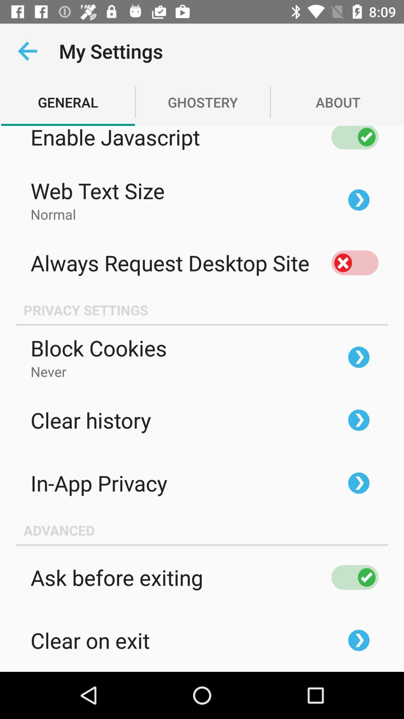  Describe the element at coordinates (202, 310) in the screenshot. I see `privacy settings icon` at that location.